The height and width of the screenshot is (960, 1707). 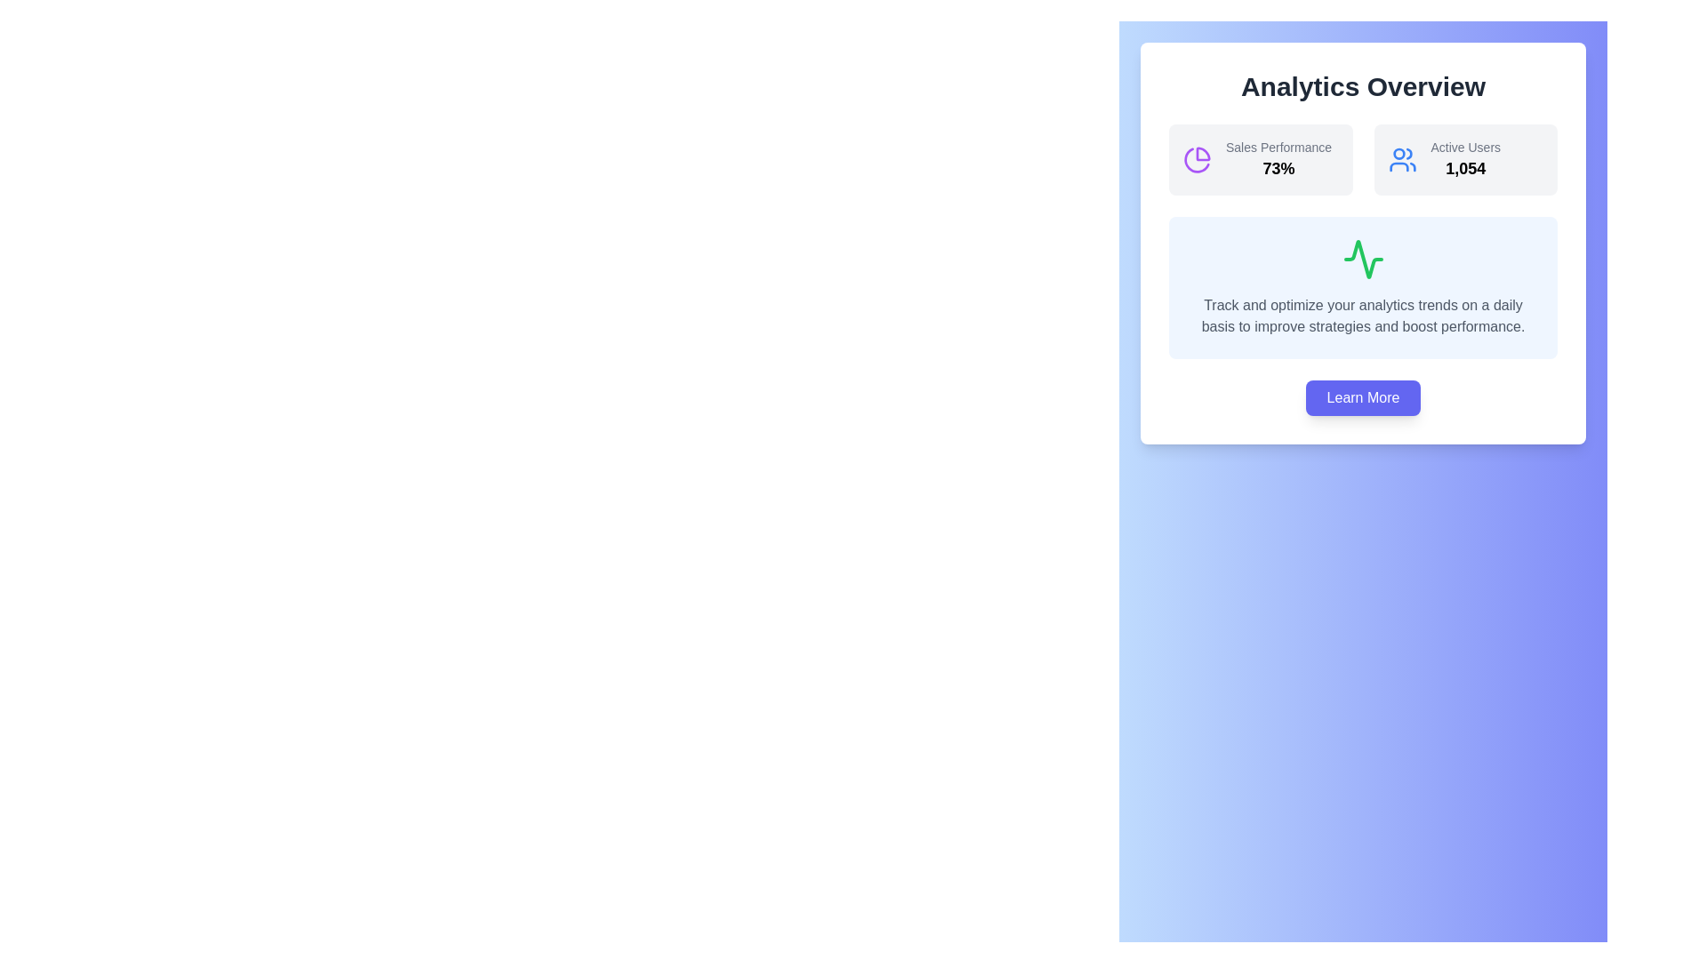 I want to click on the text label displaying '73%' which is located in the lower-right region of the card in the 'Analytics Overview' panel, adjacent to the 'Sales Performance' label, so click(x=1278, y=168).